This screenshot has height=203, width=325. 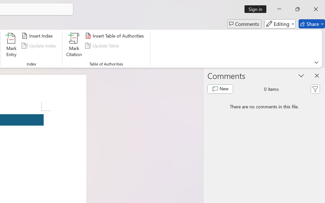 What do you see at coordinates (315, 89) in the screenshot?
I see `'Filter'` at bounding box center [315, 89].